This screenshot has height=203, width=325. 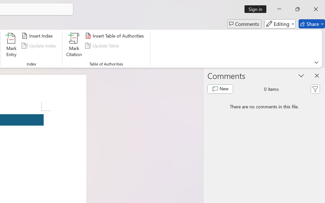 What do you see at coordinates (315, 89) in the screenshot?
I see `'Filter'` at bounding box center [315, 89].